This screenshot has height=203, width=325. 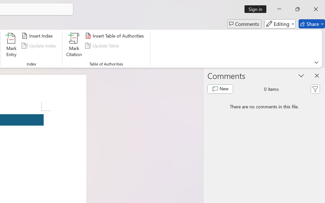 What do you see at coordinates (315, 89) in the screenshot?
I see `'Filter'` at bounding box center [315, 89].